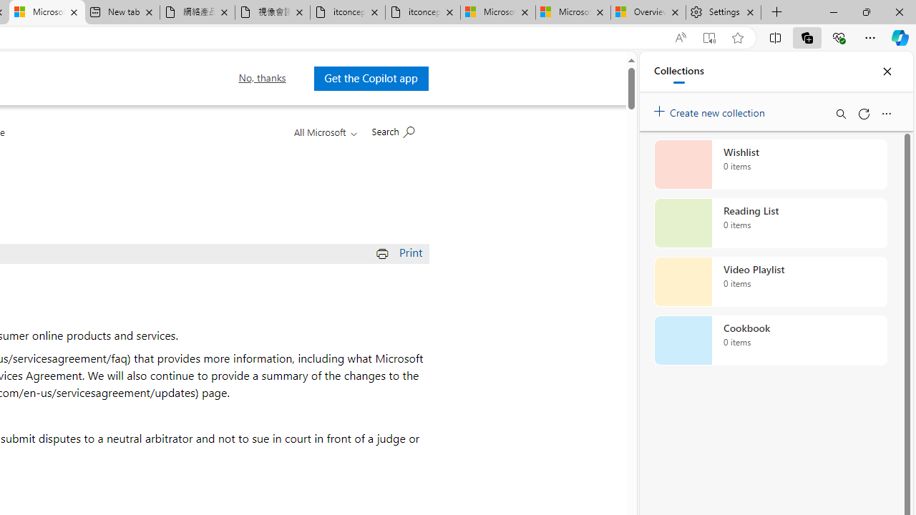 This screenshot has height=515, width=916. I want to click on 'Video Playlist collection, 0 items', so click(770, 282).